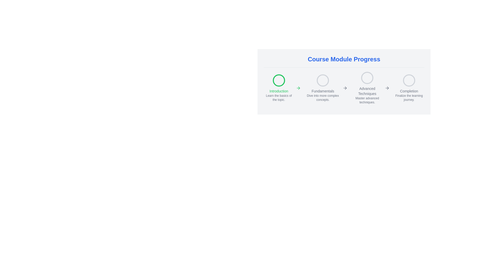 Image resolution: width=490 pixels, height=275 pixels. I want to click on the label element that serves as a title for the section, positioned below a circular icon with a green border and above the description text 'Learn the basics of the topic.', so click(278, 91).